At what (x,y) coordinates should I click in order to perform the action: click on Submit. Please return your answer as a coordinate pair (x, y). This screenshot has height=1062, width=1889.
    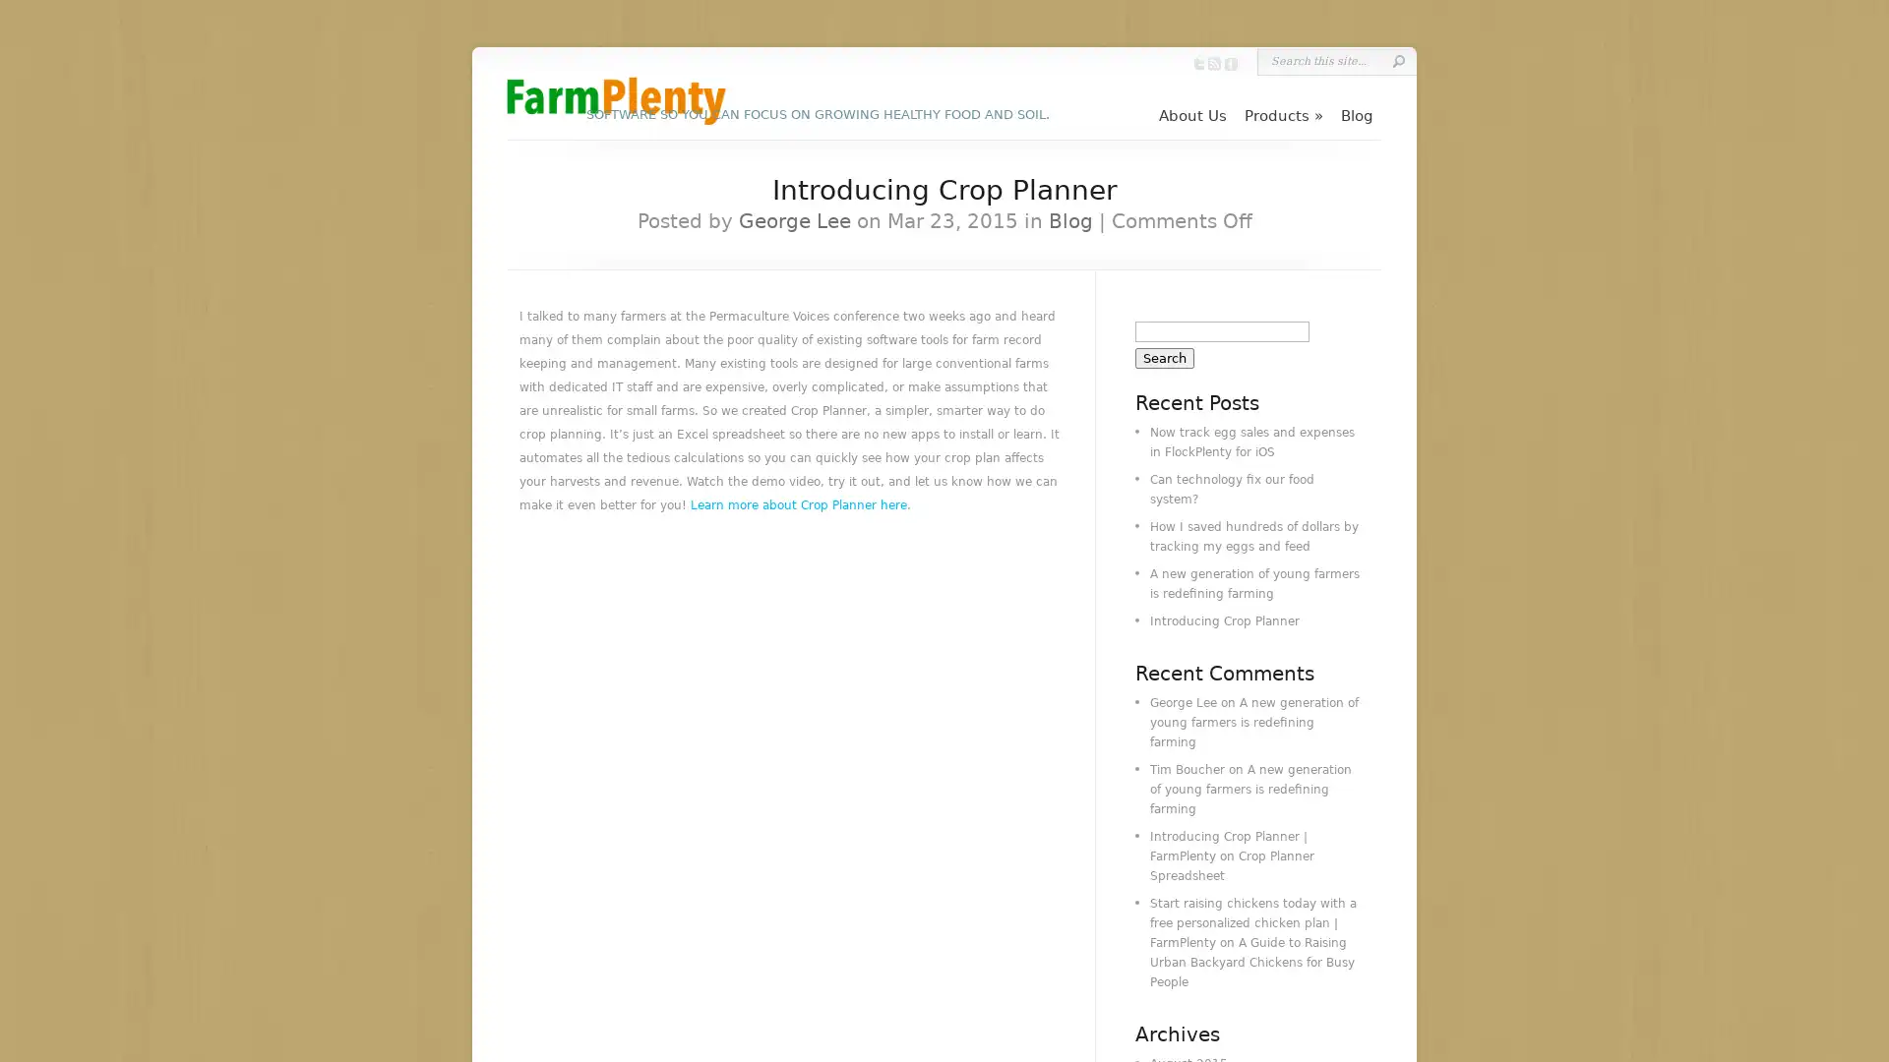
    Looking at the image, I should click on (1397, 60).